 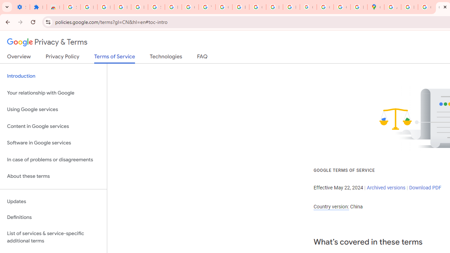 What do you see at coordinates (53, 92) in the screenshot?
I see `'Your relationship with Google'` at bounding box center [53, 92].